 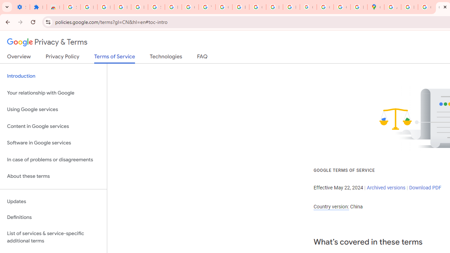 What do you see at coordinates (53, 92) in the screenshot?
I see `'Your relationship with Google'` at bounding box center [53, 92].